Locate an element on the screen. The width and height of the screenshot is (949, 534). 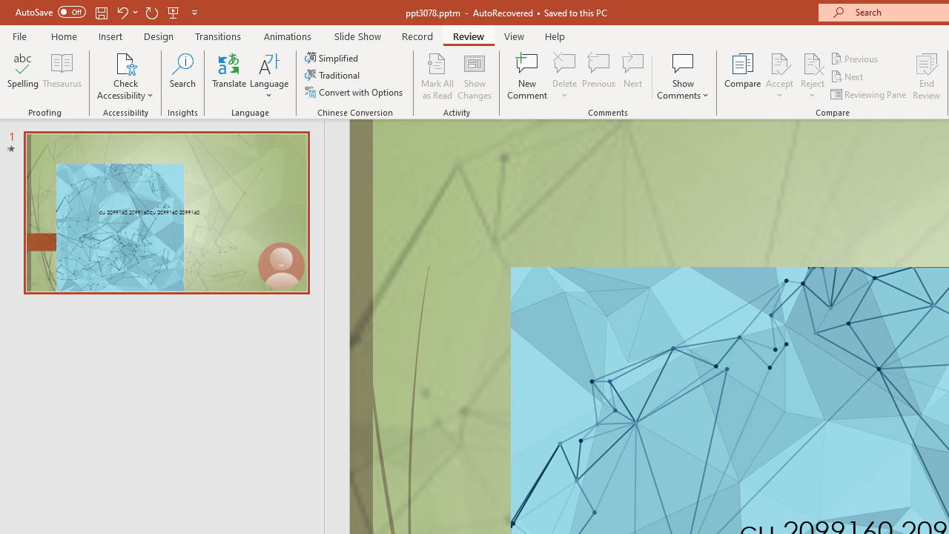
'End Review' is located at coordinates (925, 76).